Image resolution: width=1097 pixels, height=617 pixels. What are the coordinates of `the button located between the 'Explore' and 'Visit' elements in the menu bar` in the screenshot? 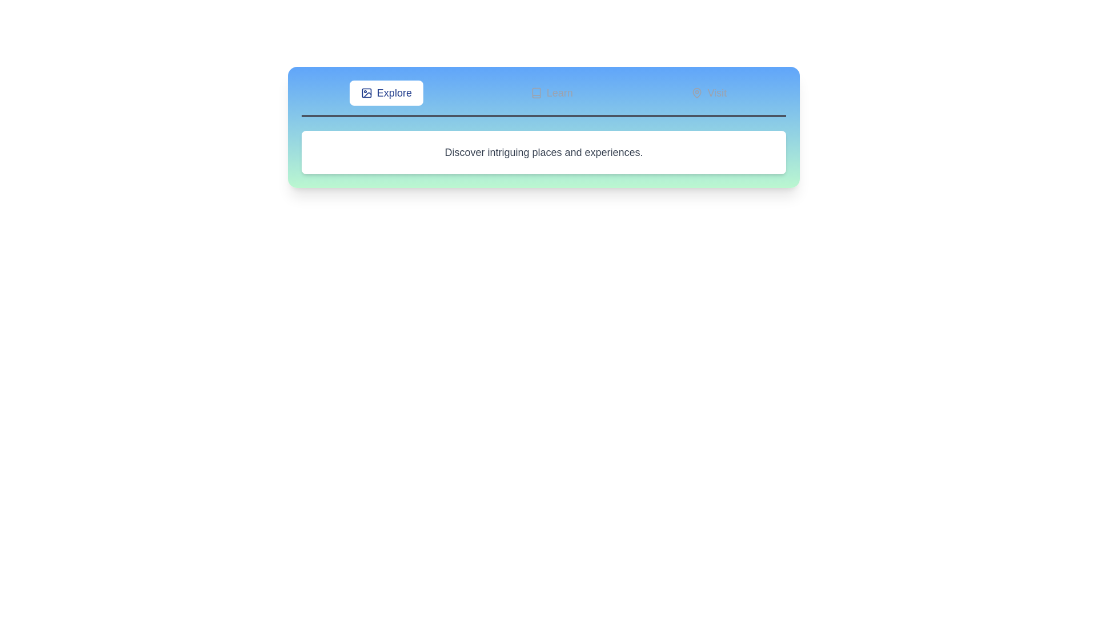 It's located at (551, 92).